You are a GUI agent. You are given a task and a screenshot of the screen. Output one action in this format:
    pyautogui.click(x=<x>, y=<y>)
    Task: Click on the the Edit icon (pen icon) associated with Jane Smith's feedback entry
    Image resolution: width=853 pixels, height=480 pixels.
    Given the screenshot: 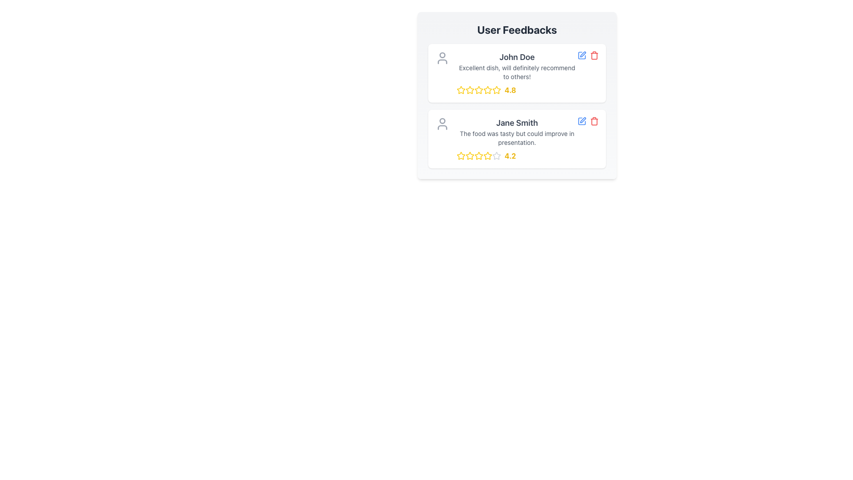 What is the action you would take?
    pyautogui.click(x=583, y=120)
    